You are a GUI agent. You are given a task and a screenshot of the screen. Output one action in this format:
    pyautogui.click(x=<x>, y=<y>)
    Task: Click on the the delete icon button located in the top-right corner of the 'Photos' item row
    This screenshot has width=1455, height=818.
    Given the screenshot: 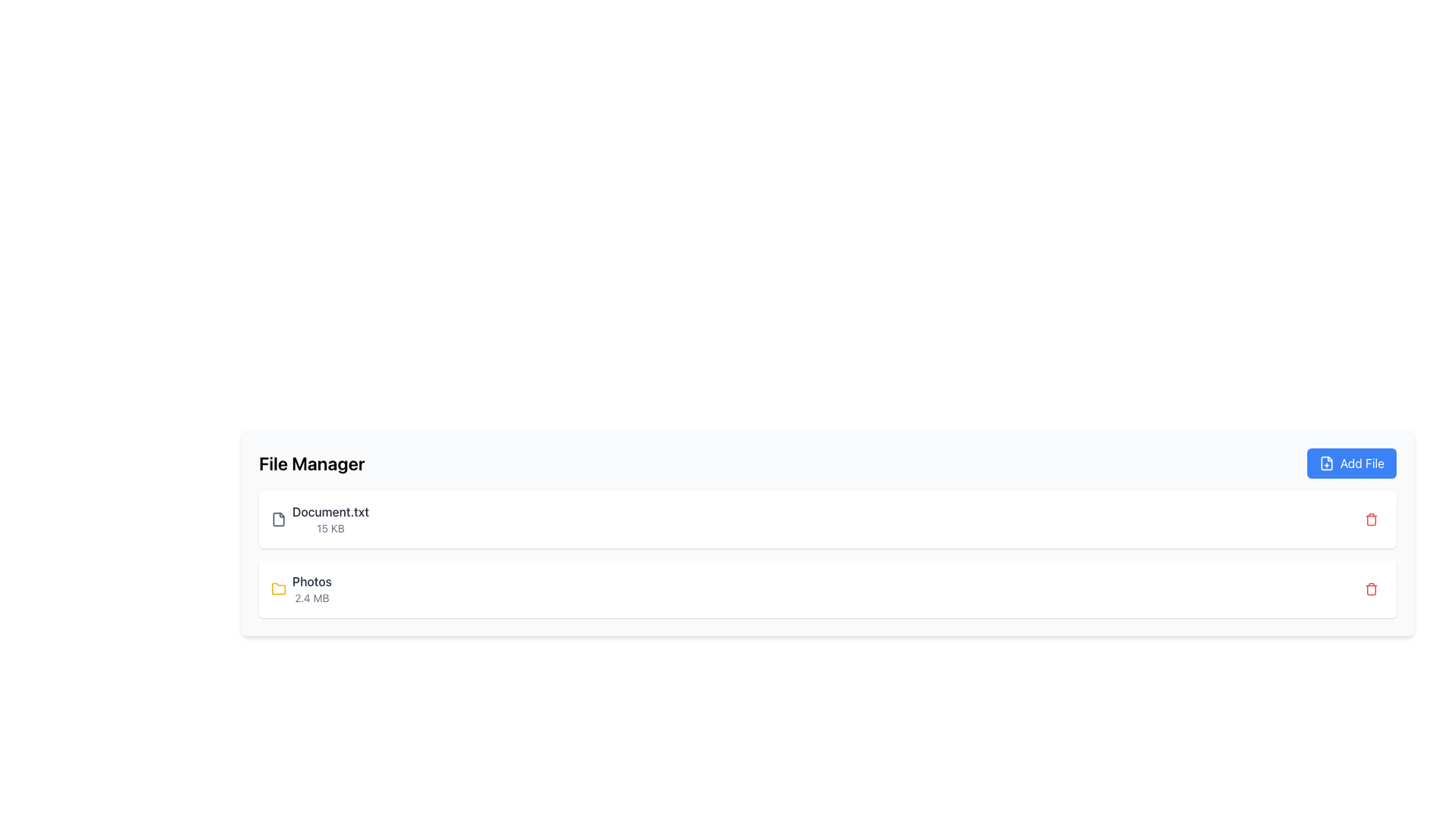 What is the action you would take?
    pyautogui.click(x=1371, y=519)
    